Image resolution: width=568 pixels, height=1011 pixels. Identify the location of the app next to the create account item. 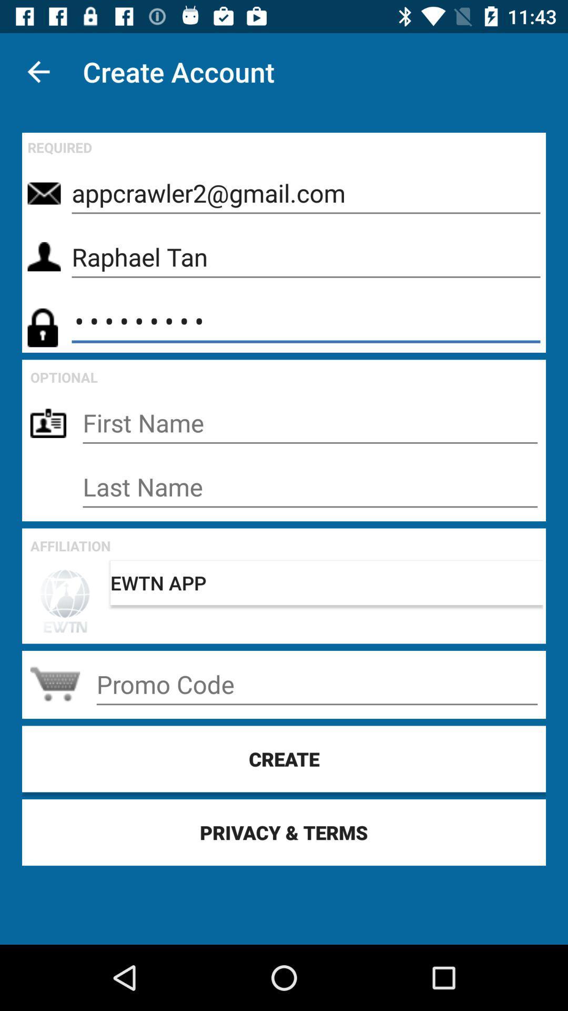
(38, 71).